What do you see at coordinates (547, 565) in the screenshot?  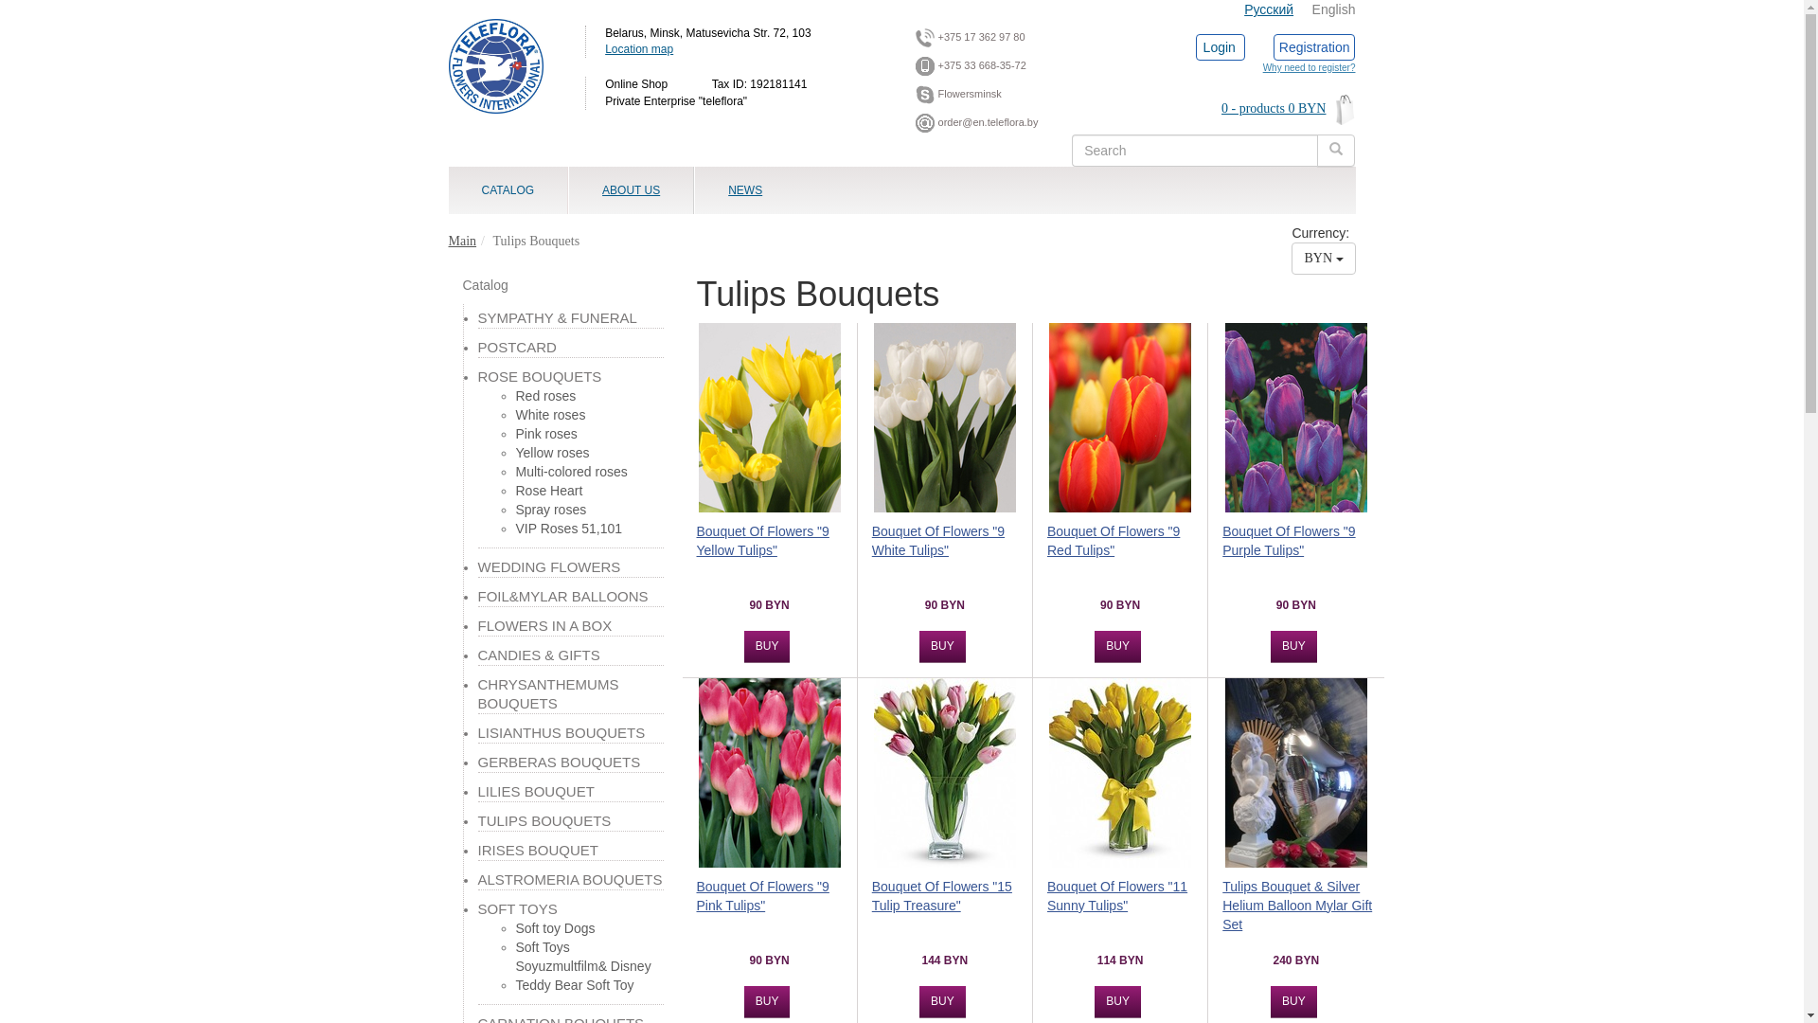 I see `'WEDDING FLOWERS'` at bounding box center [547, 565].